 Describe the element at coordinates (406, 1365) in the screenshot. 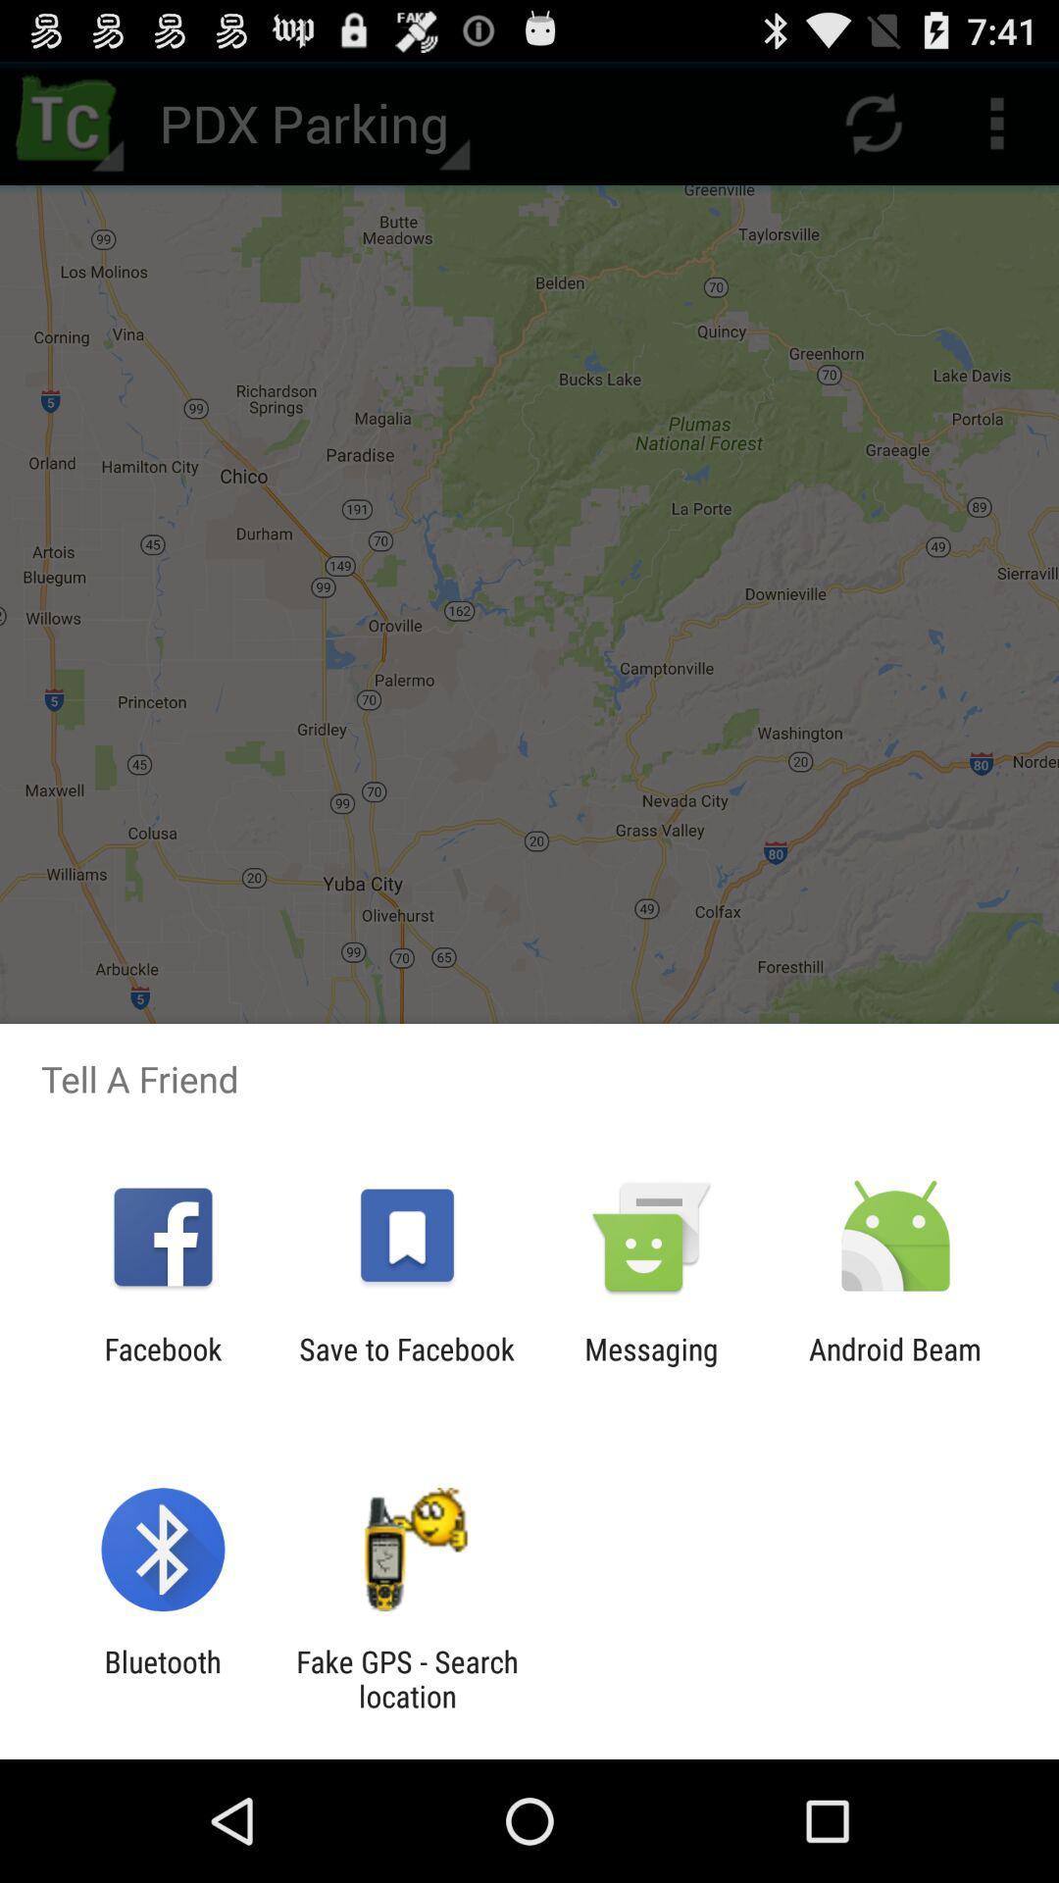

I see `app to the right of the facebook app` at that location.